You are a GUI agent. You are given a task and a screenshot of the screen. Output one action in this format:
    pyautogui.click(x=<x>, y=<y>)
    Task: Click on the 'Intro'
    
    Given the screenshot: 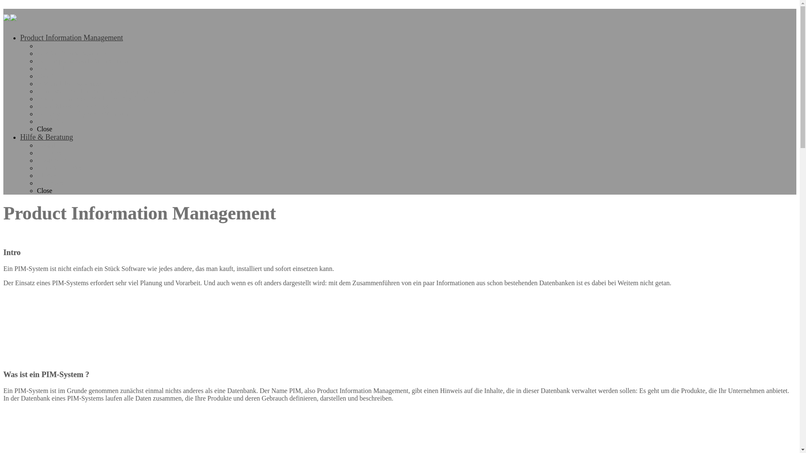 What is the action you would take?
    pyautogui.click(x=43, y=46)
    